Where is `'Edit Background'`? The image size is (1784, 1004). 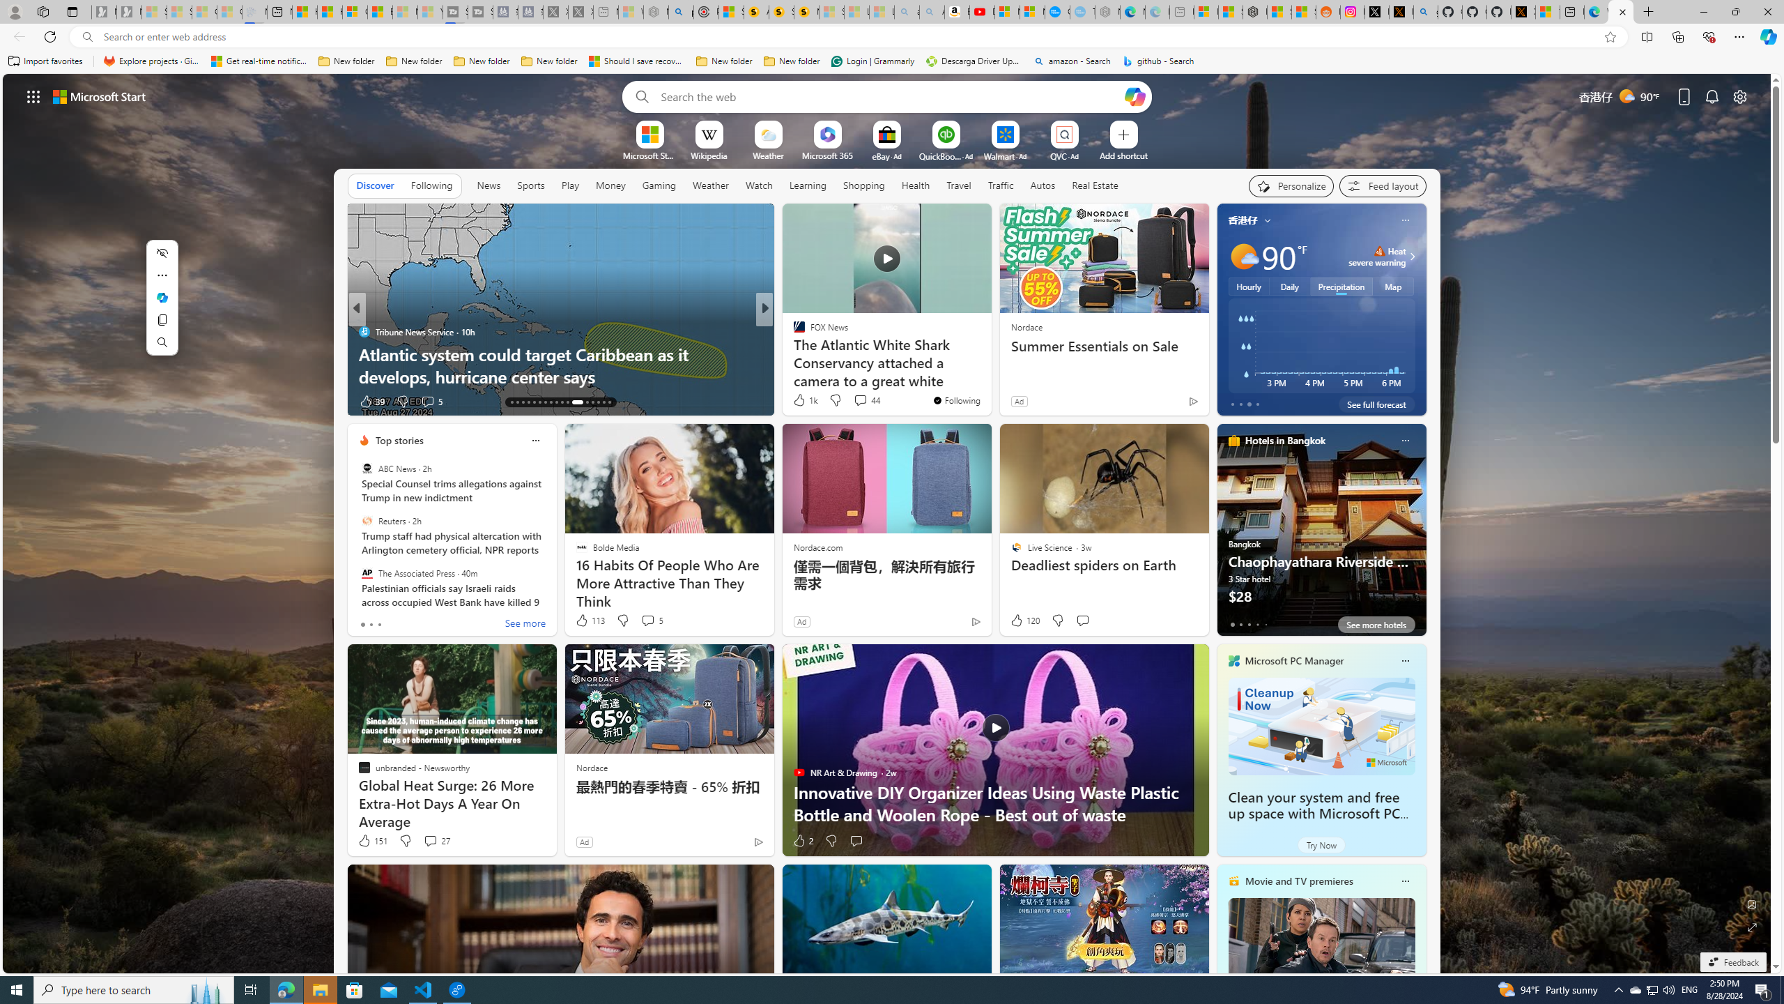 'Edit Background' is located at coordinates (1753, 903).